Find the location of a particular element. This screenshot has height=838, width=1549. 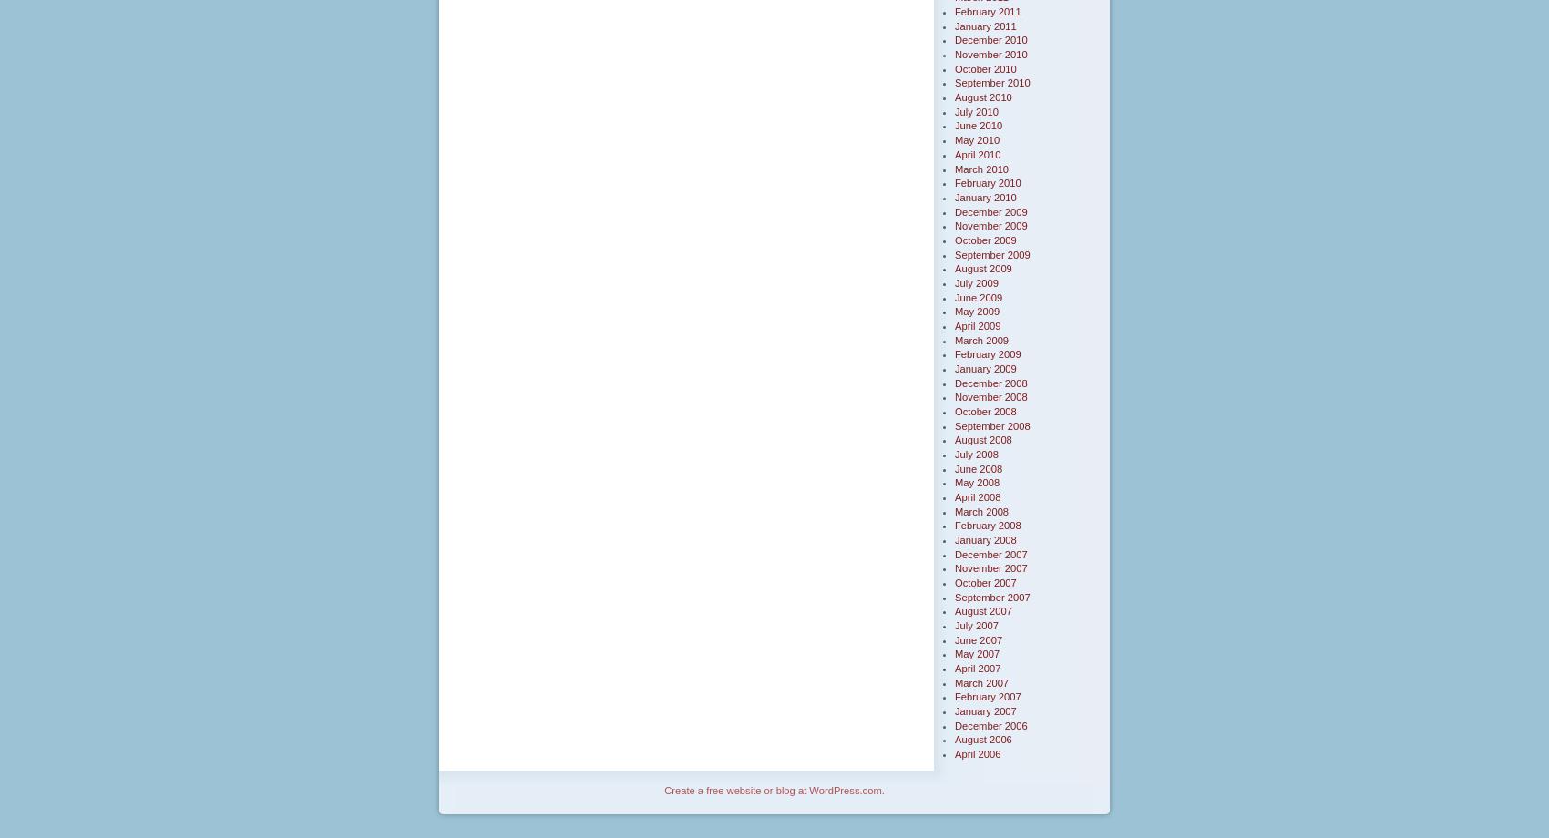

'September 2007' is located at coordinates (954, 596).